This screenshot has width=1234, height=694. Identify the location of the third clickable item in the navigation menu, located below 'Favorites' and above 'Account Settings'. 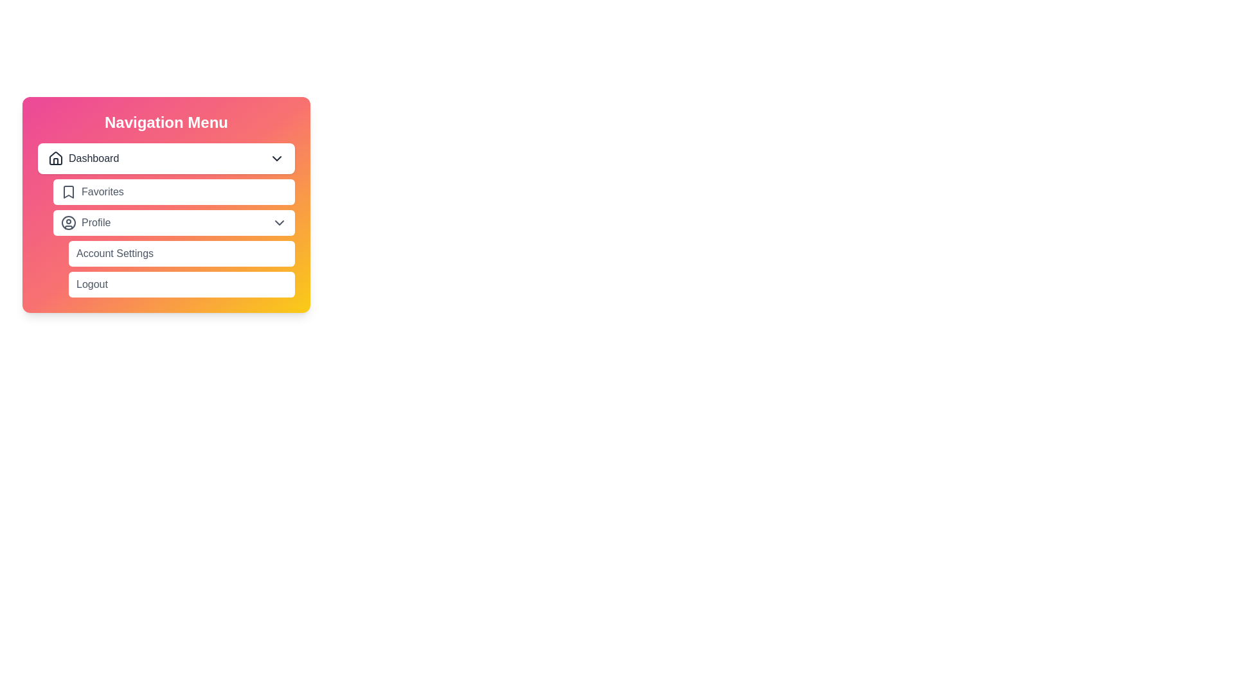
(166, 220).